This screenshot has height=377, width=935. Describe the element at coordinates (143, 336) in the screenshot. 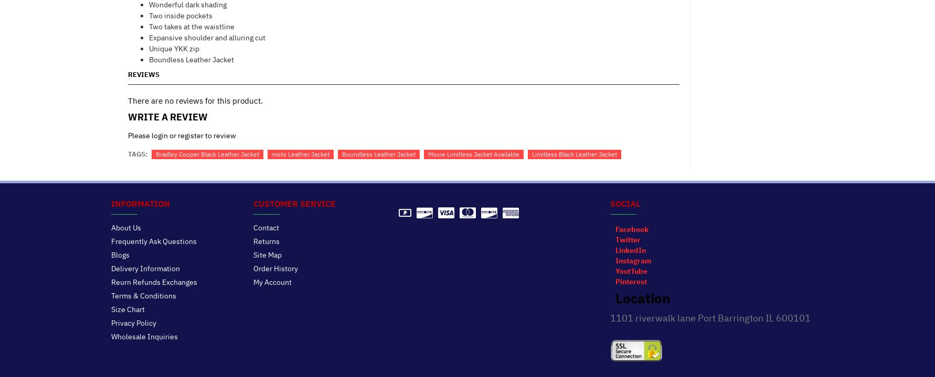

I see `'Wholesale Inquiries'` at that location.